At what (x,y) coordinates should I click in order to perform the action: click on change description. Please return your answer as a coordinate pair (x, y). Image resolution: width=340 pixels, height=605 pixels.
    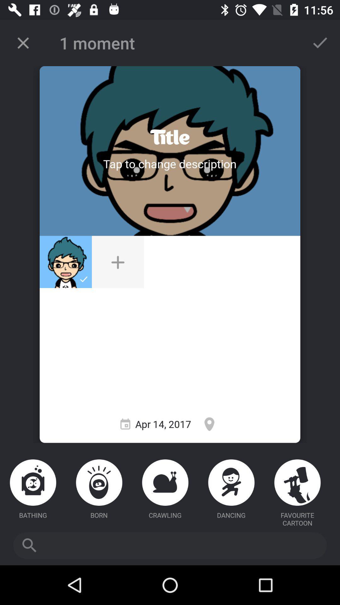
    Looking at the image, I should click on (169, 164).